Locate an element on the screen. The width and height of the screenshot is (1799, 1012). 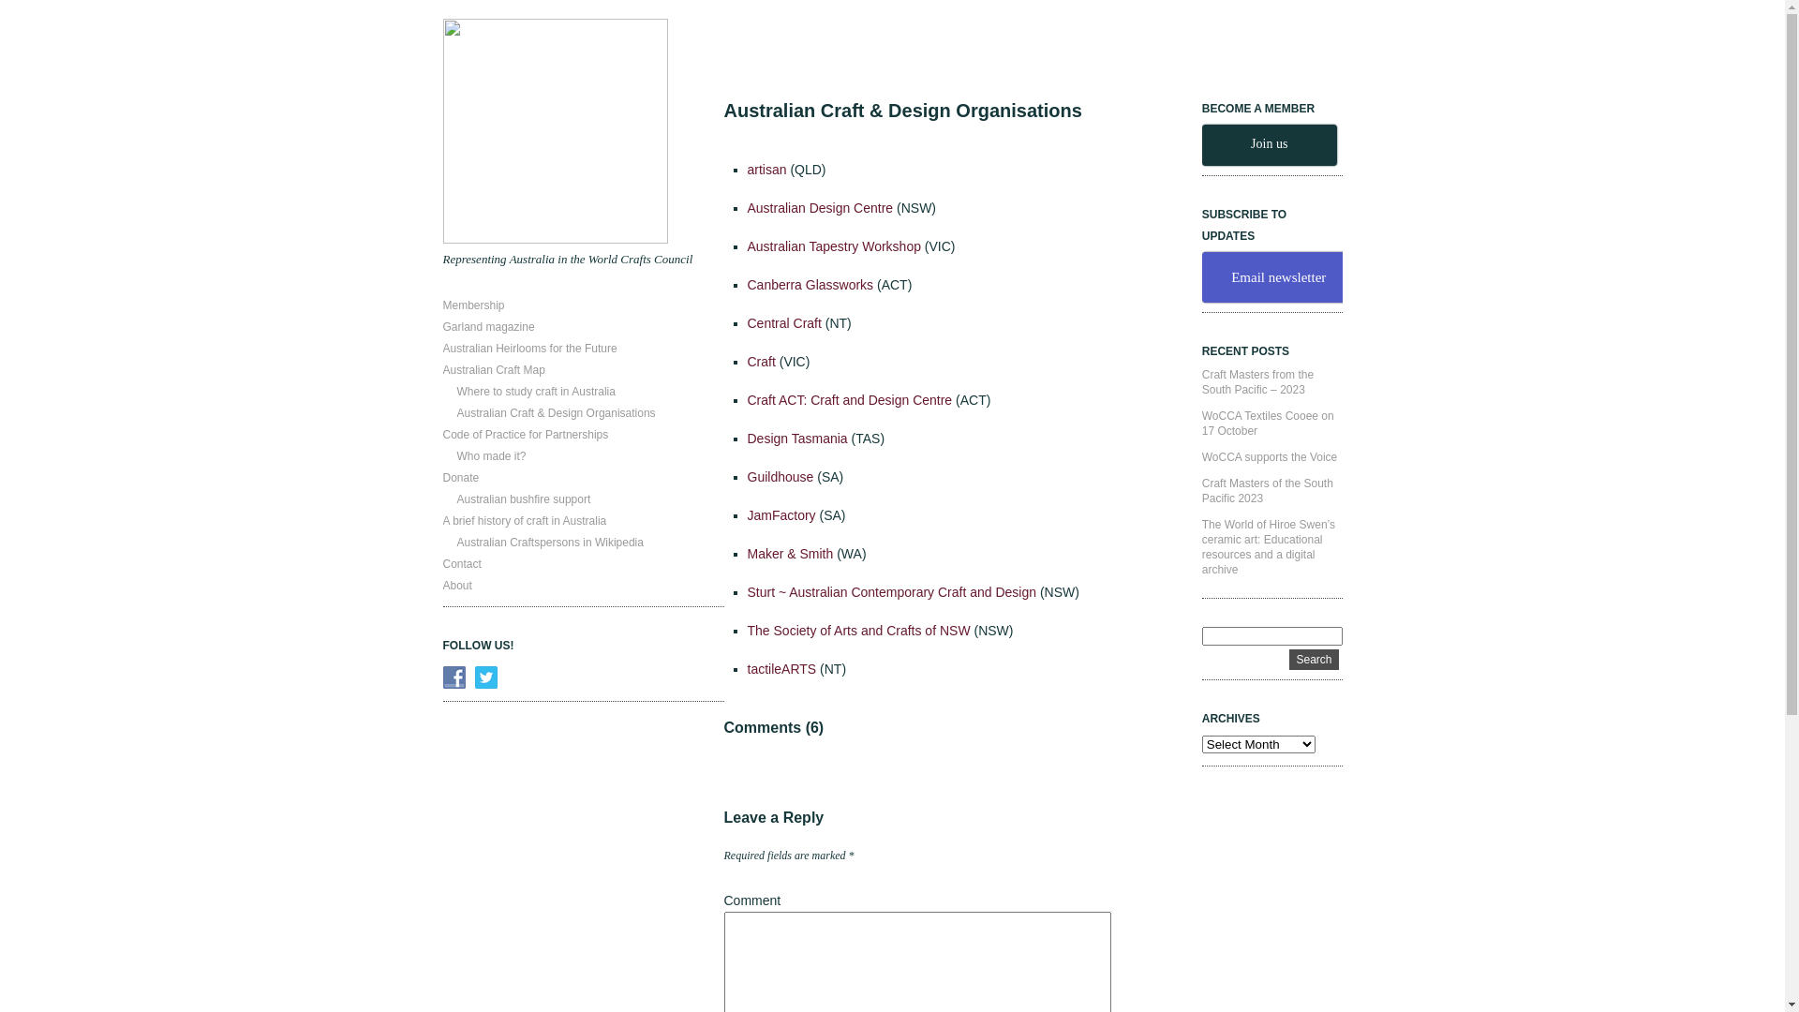
'Australian Craft Map' is located at coordinates (493, 369).